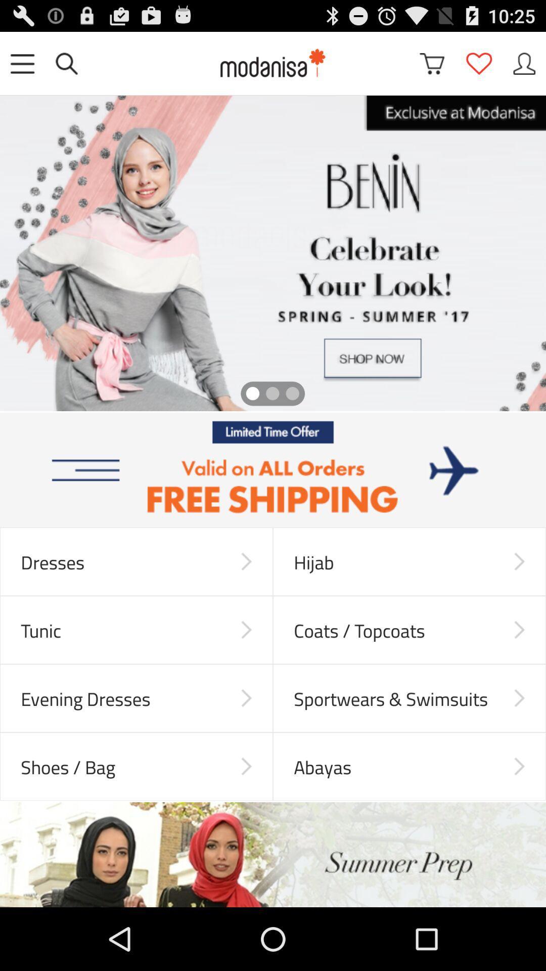  What do you see at coordinates (478, 63) in the screenshot?
I see `favorite` at bounding box center [478, 63].